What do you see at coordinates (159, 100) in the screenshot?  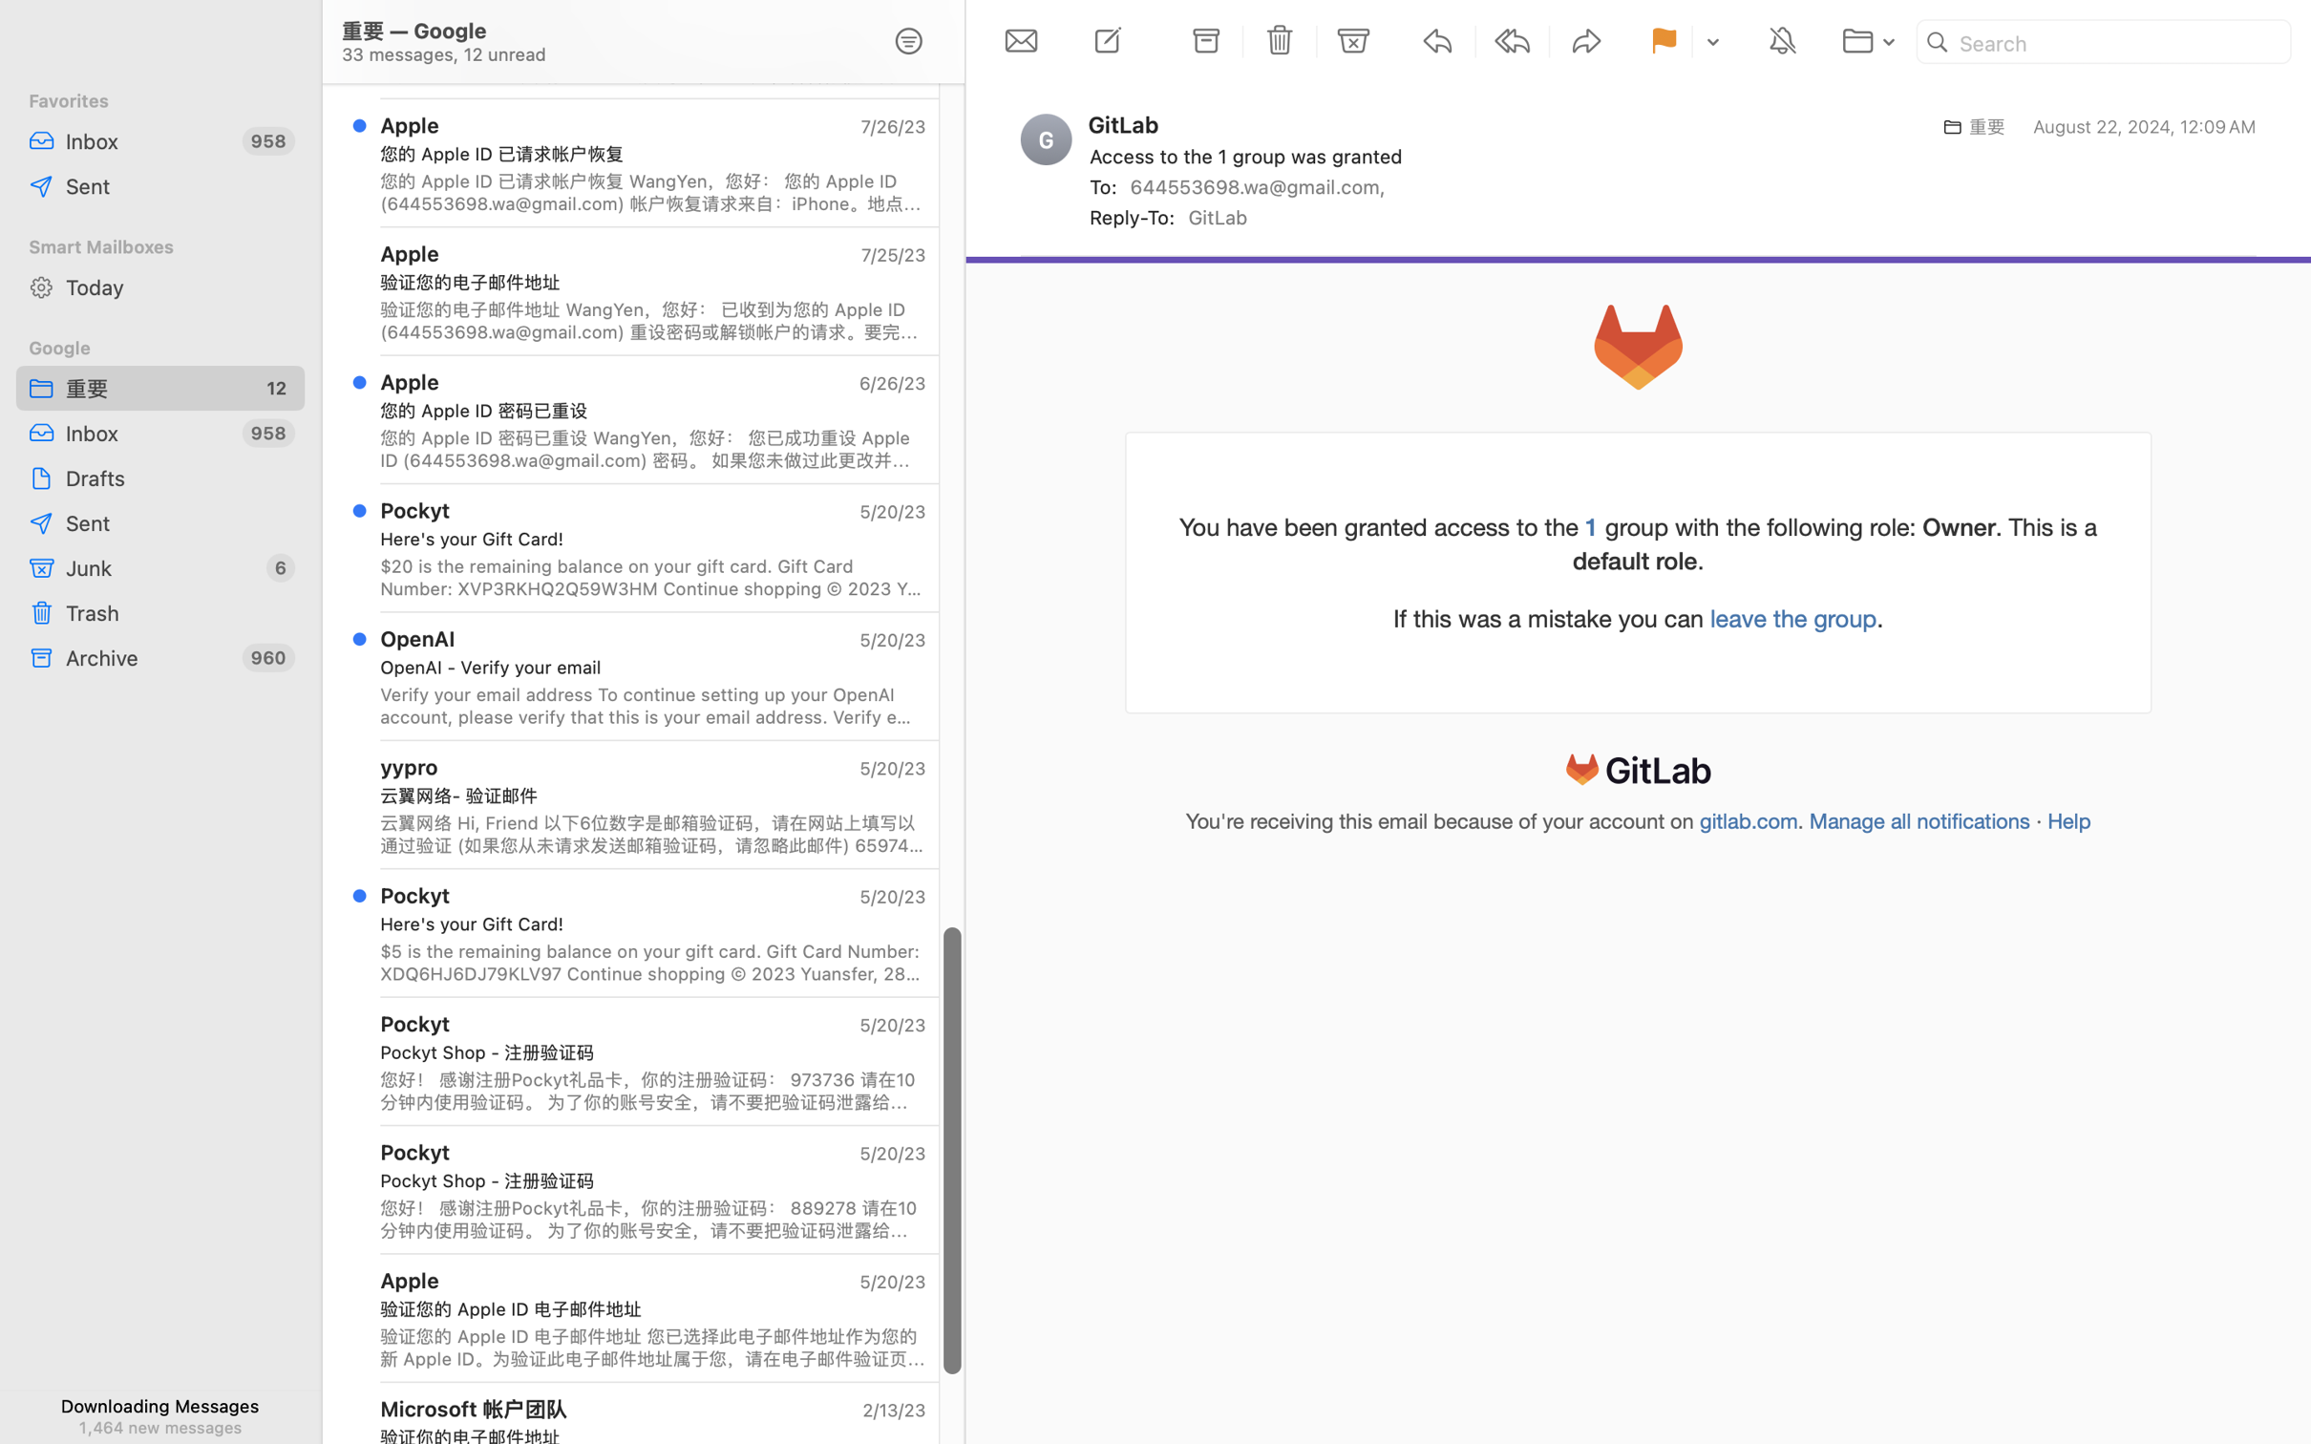 I see `'Favorites'` at bounding box center [159, 100].